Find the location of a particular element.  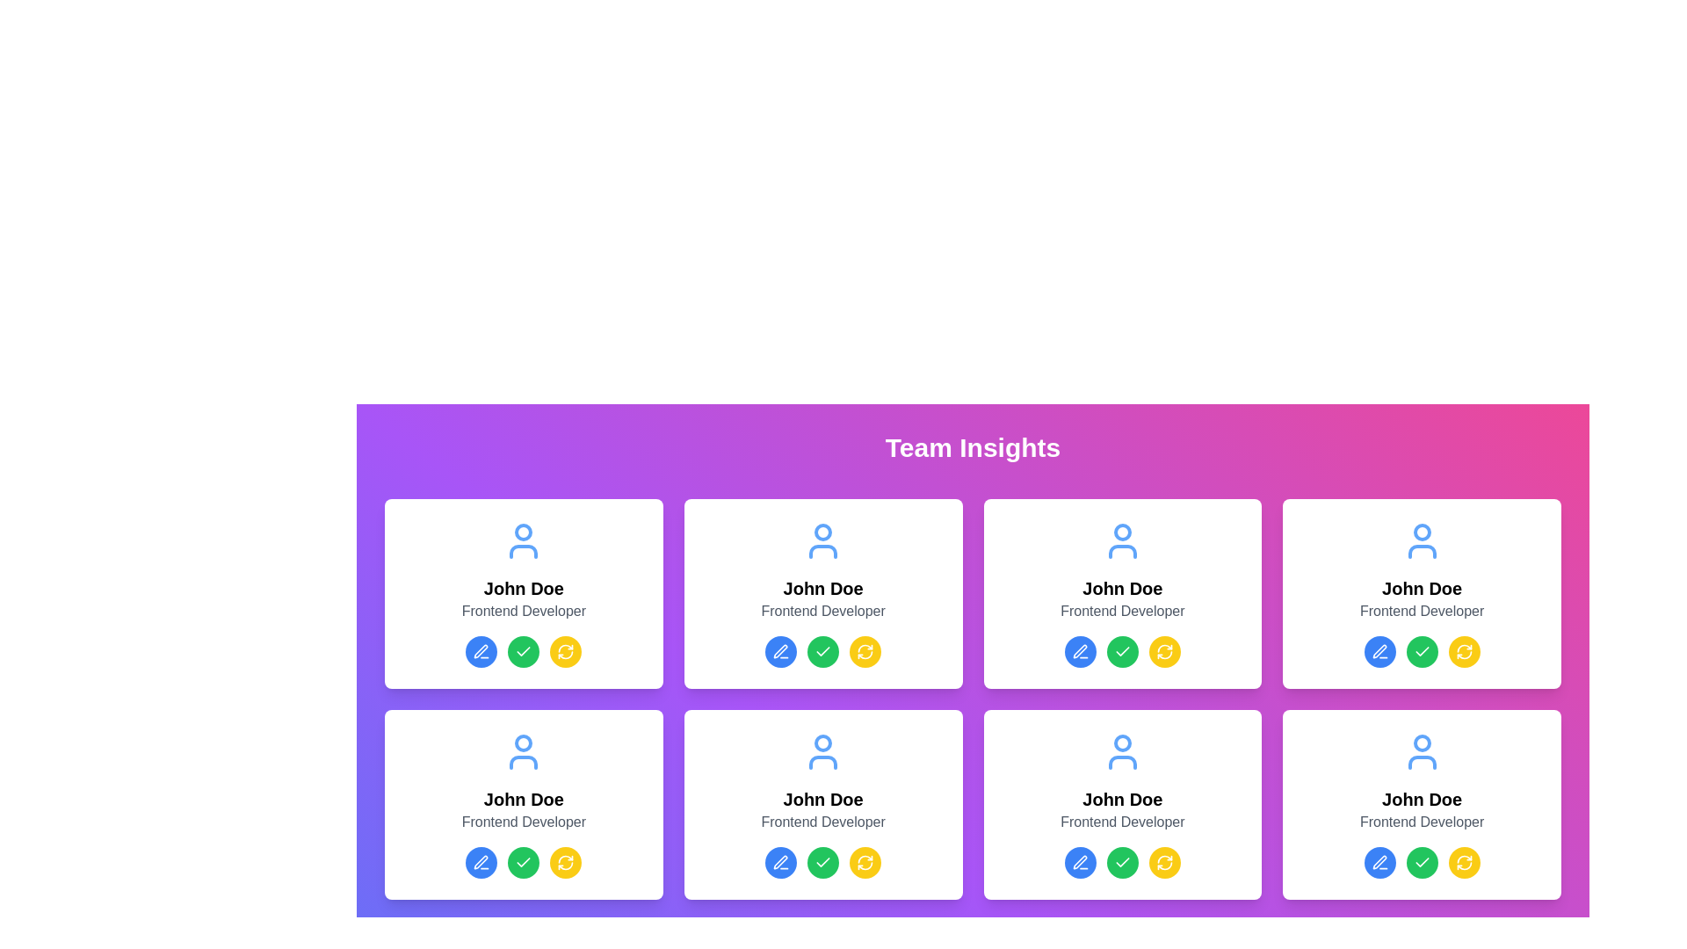

the green circular button with a checkmark icon inside, located at the bottom of a card containing the user 'John Doe', to confirm or approve is located at coordinates (1422, 862).